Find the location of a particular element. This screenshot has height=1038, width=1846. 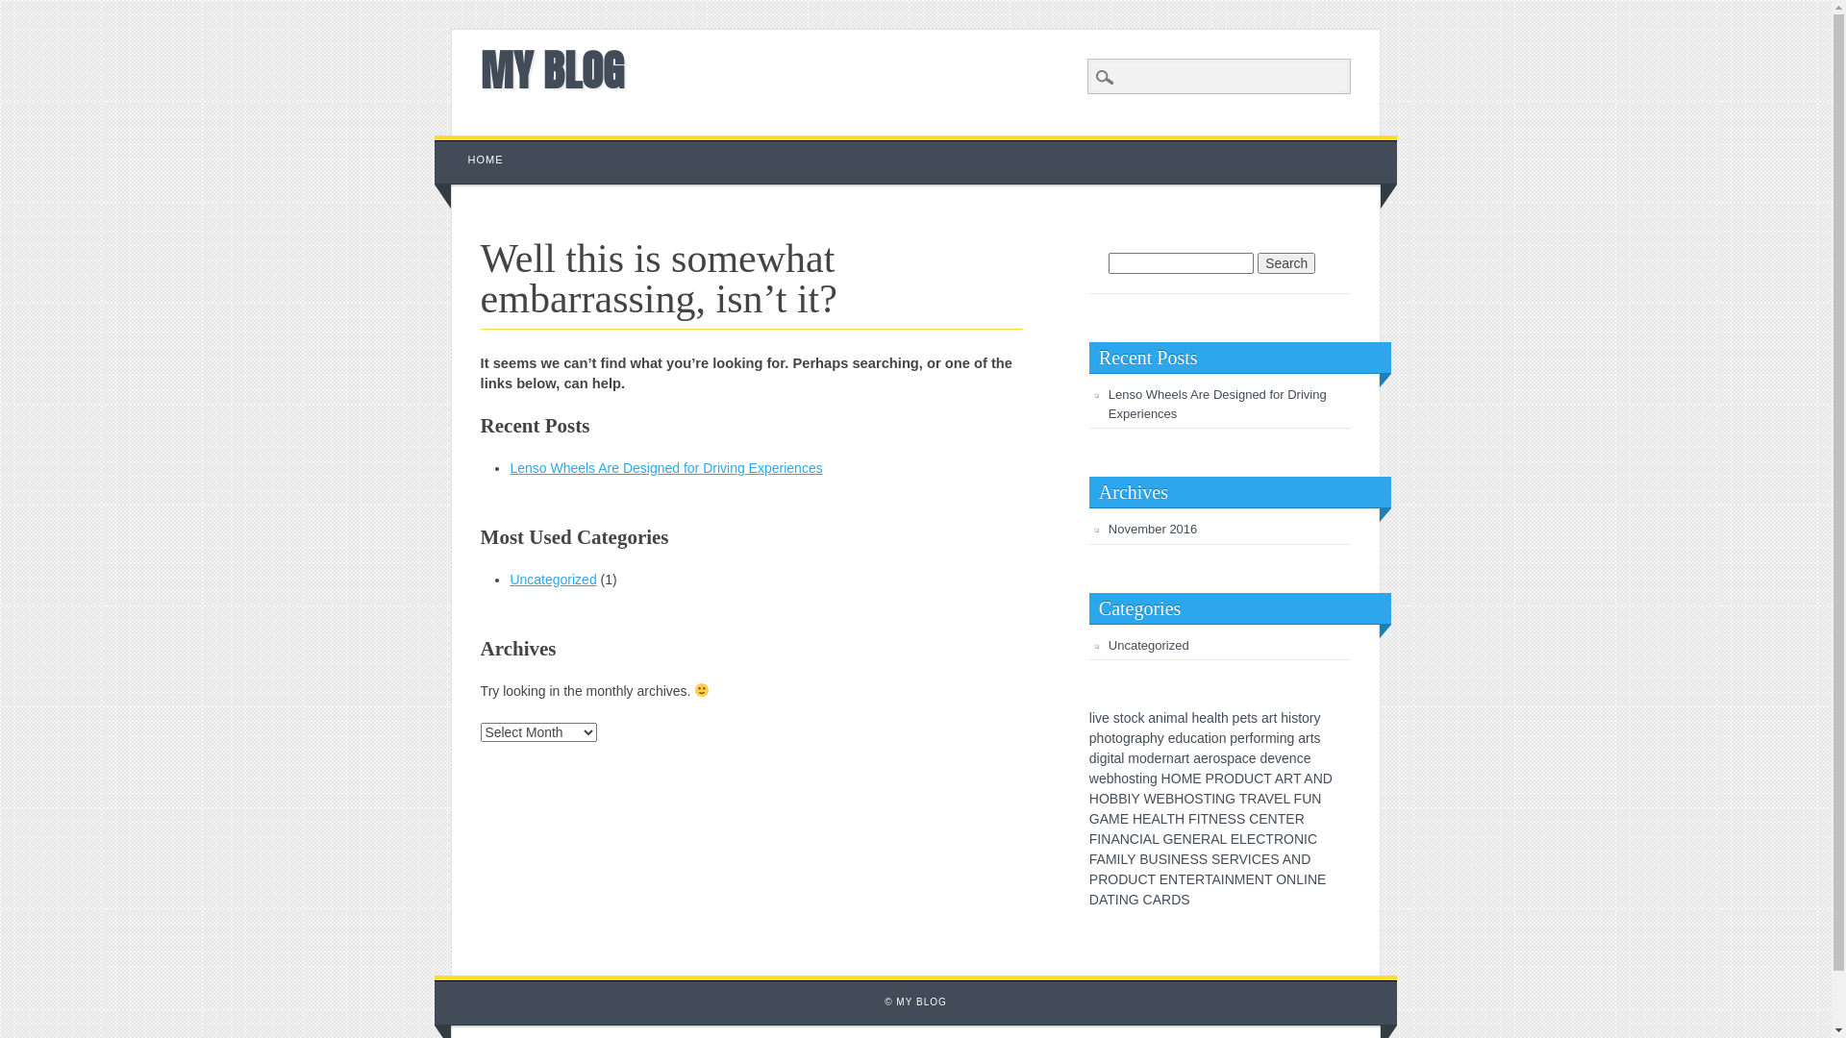

'L' is located at coordinates (1222, 837).